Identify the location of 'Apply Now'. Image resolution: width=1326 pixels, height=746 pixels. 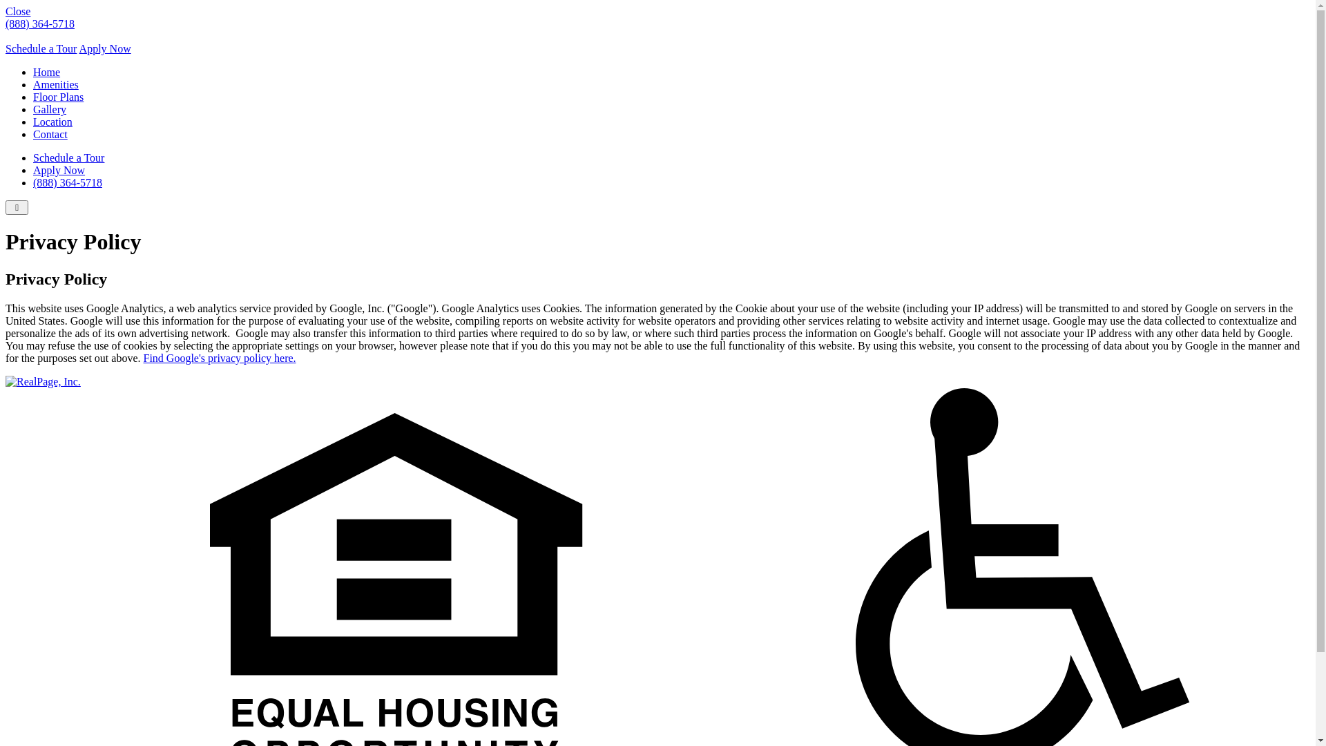
(104, 48).